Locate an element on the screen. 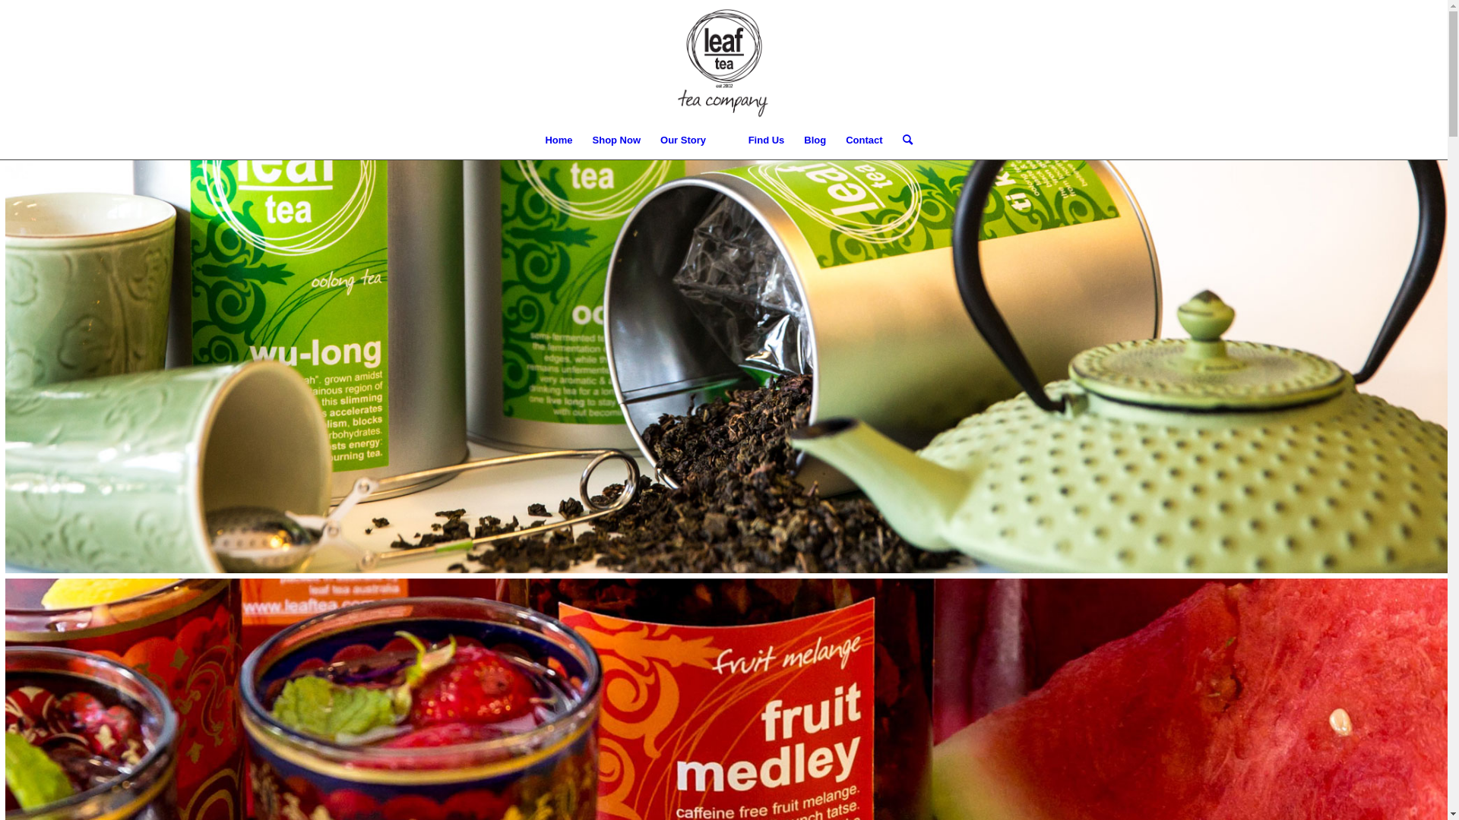 The width and height of the screenshot is (1459, 820). 'Find Us' is located at coordinates (766, 140).